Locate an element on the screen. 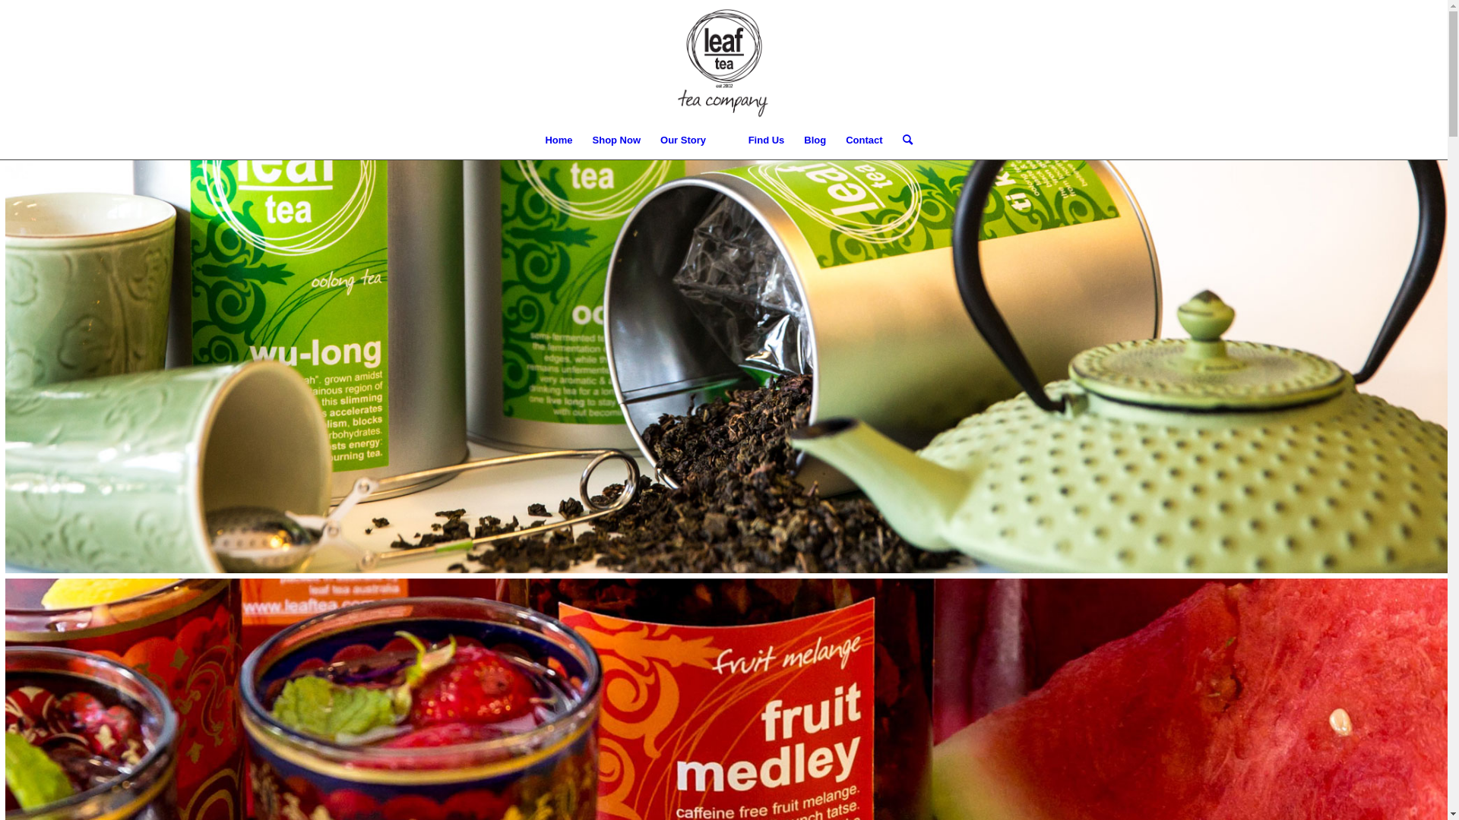 The width and height of the screenshot is (1459, 820). 'Find Us' is located at coordinates (766, 140).